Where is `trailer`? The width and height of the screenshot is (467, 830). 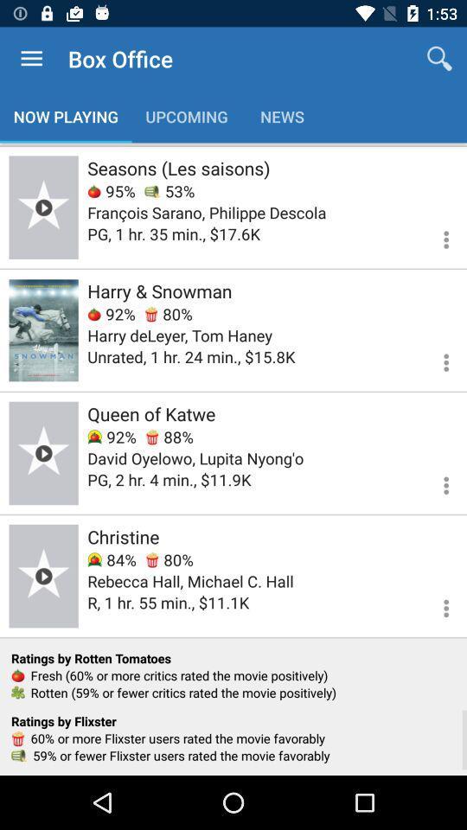 trailer is located at coordinates (43, 452).